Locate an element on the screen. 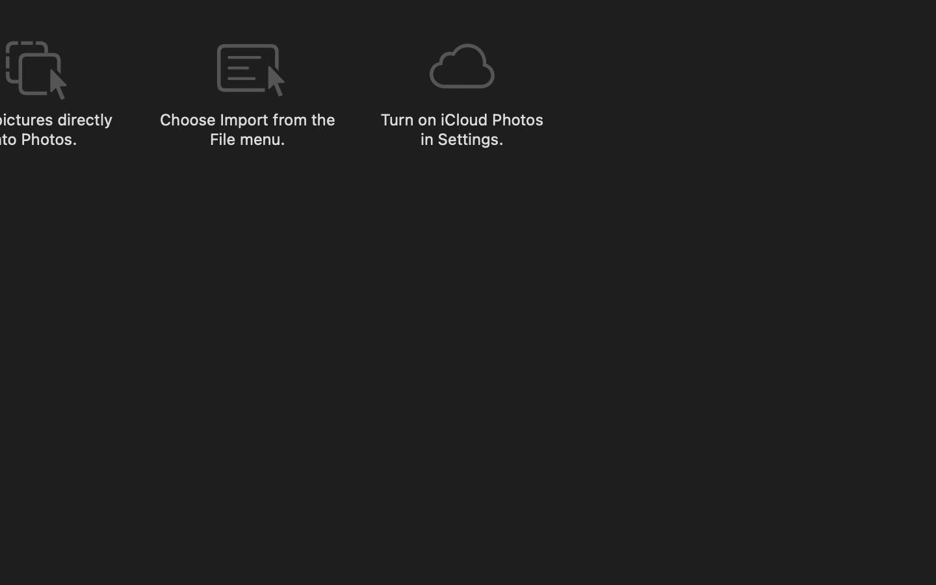  'Choose Import from the File menu.' is located at coordinates (246, 129).